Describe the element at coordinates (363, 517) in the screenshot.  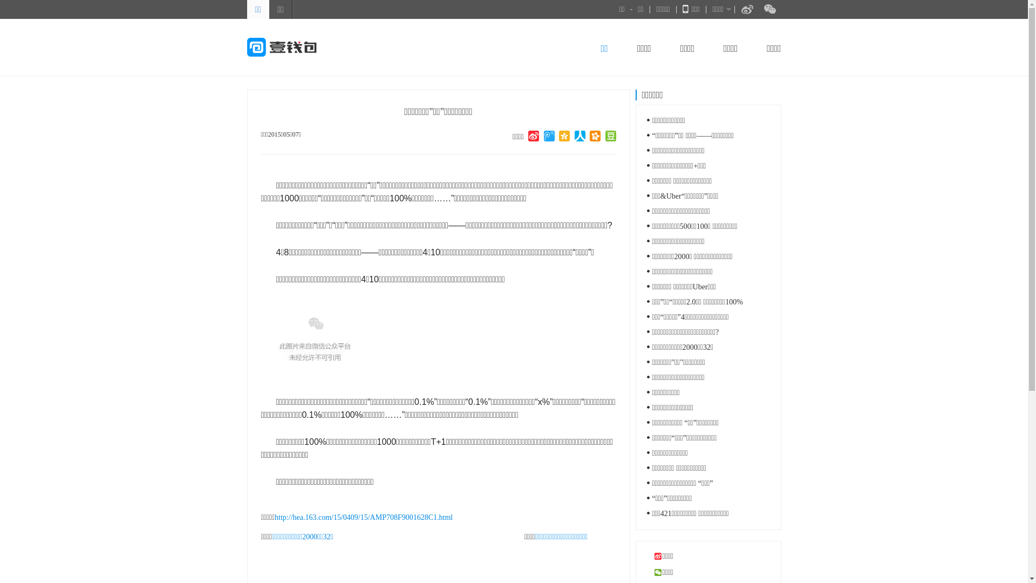
I see `'http://hea.163.com/15/0409/15/AMP708F9001628C1.html'` at that location.